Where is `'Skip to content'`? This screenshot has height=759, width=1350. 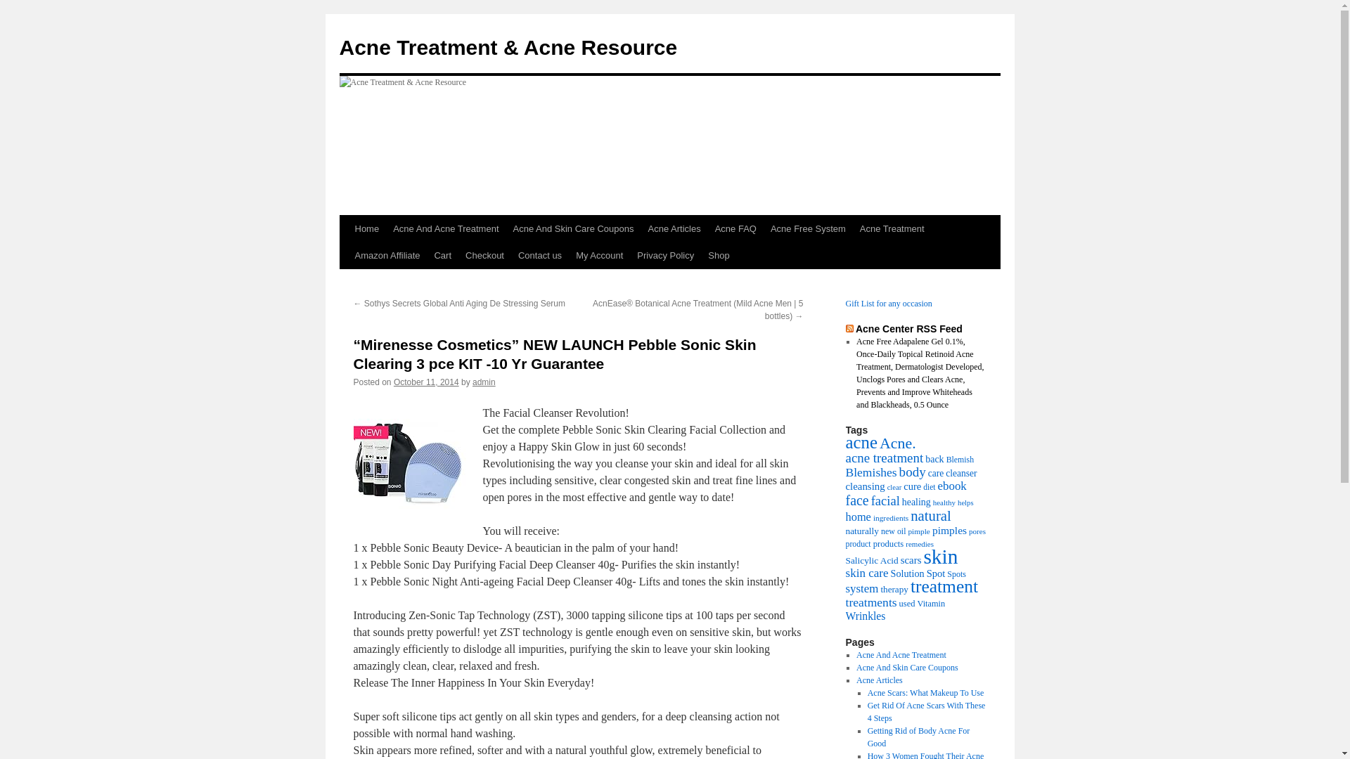
'Skip to content' is located at coordinates (345, 254).